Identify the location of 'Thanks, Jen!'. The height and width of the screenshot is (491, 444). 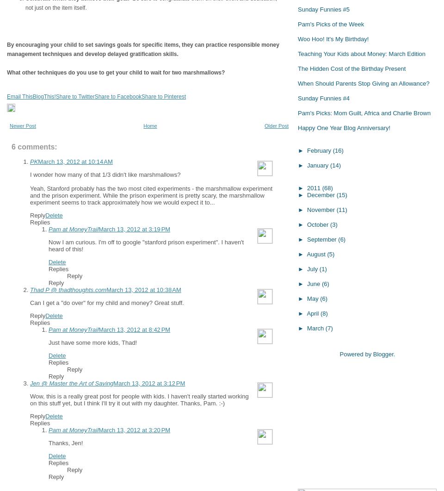
(65, 442).